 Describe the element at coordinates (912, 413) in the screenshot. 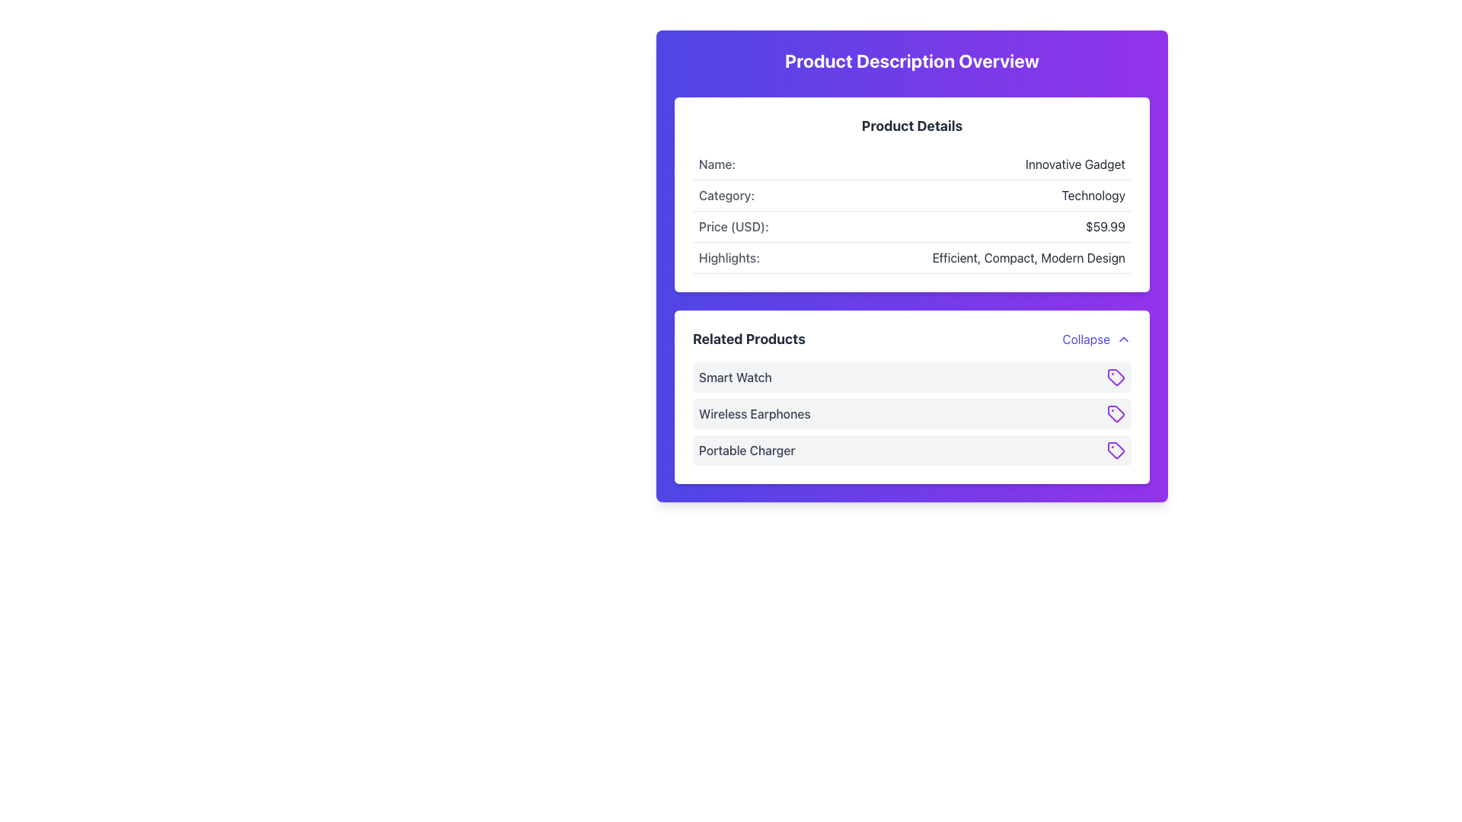

I see `the second list item labeled 'Wireless Earphones' under the 'Related Products' section` at that location.